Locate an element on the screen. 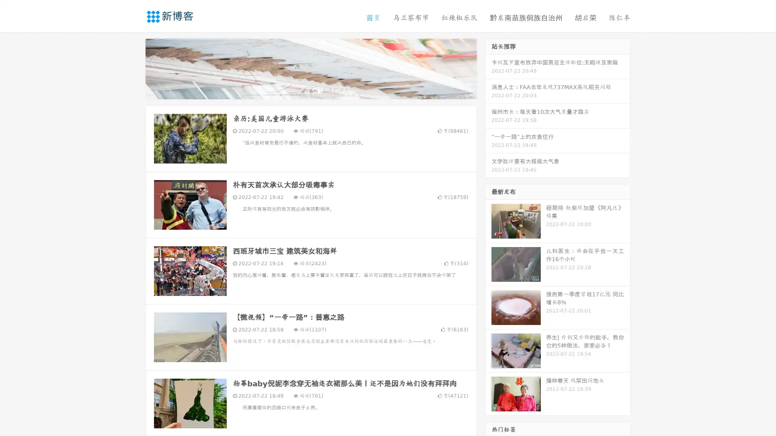 This screenshot has width=776, height=436. Go to slide 2 is located at coordinates (310, 91).